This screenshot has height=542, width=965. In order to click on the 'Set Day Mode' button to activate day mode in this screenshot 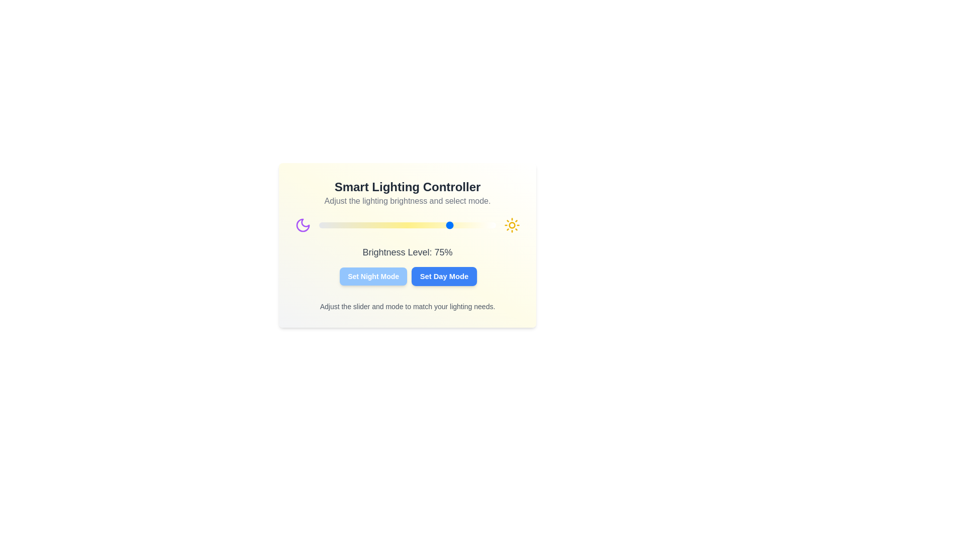, I will do `click(443, 277)`.